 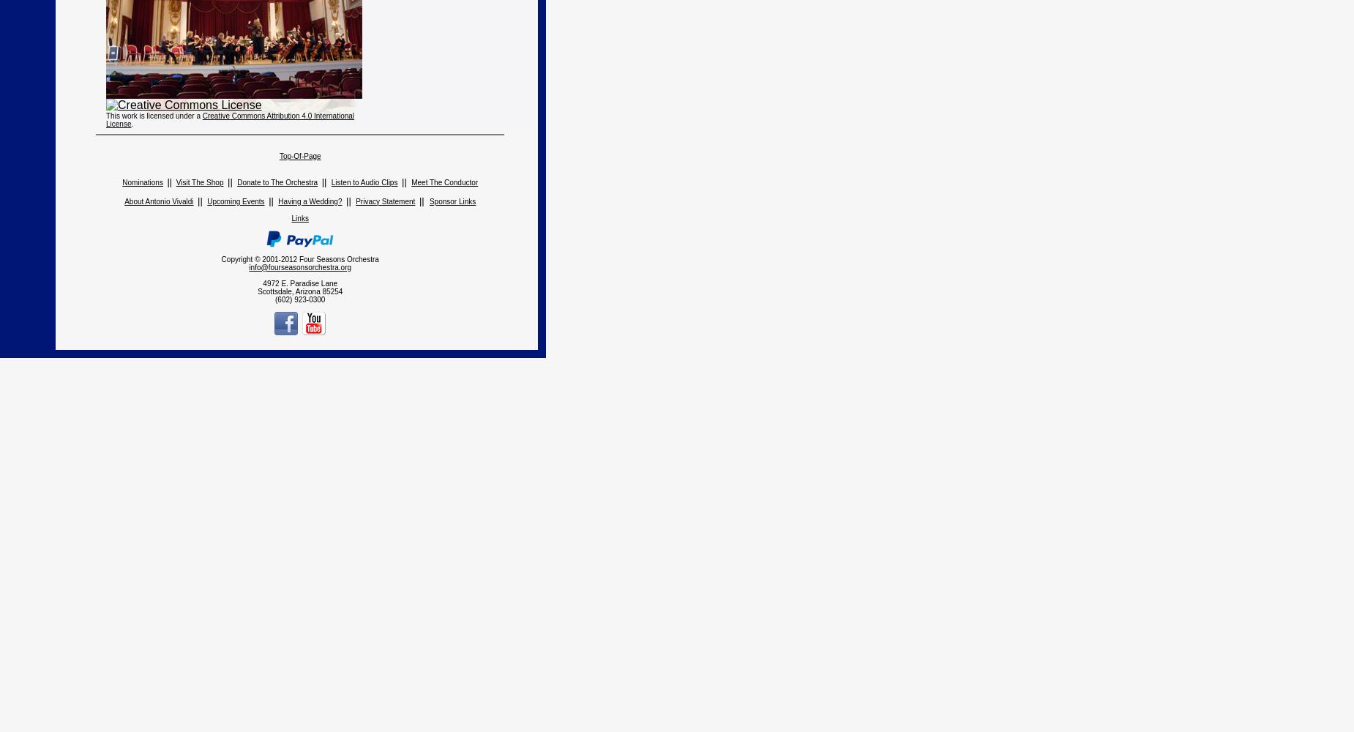 What do you see at coordinates (299, 266) in the screenshot?
I see `'info@fourseasonsorchestra.org'` at bounding box center [299, 266].